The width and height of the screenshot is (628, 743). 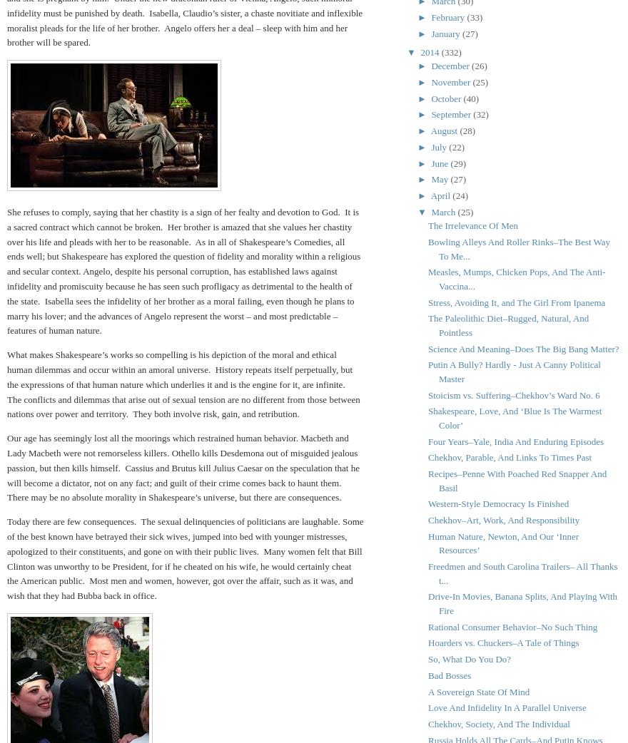 I want to click on 'July', so click(x=430, y=145).